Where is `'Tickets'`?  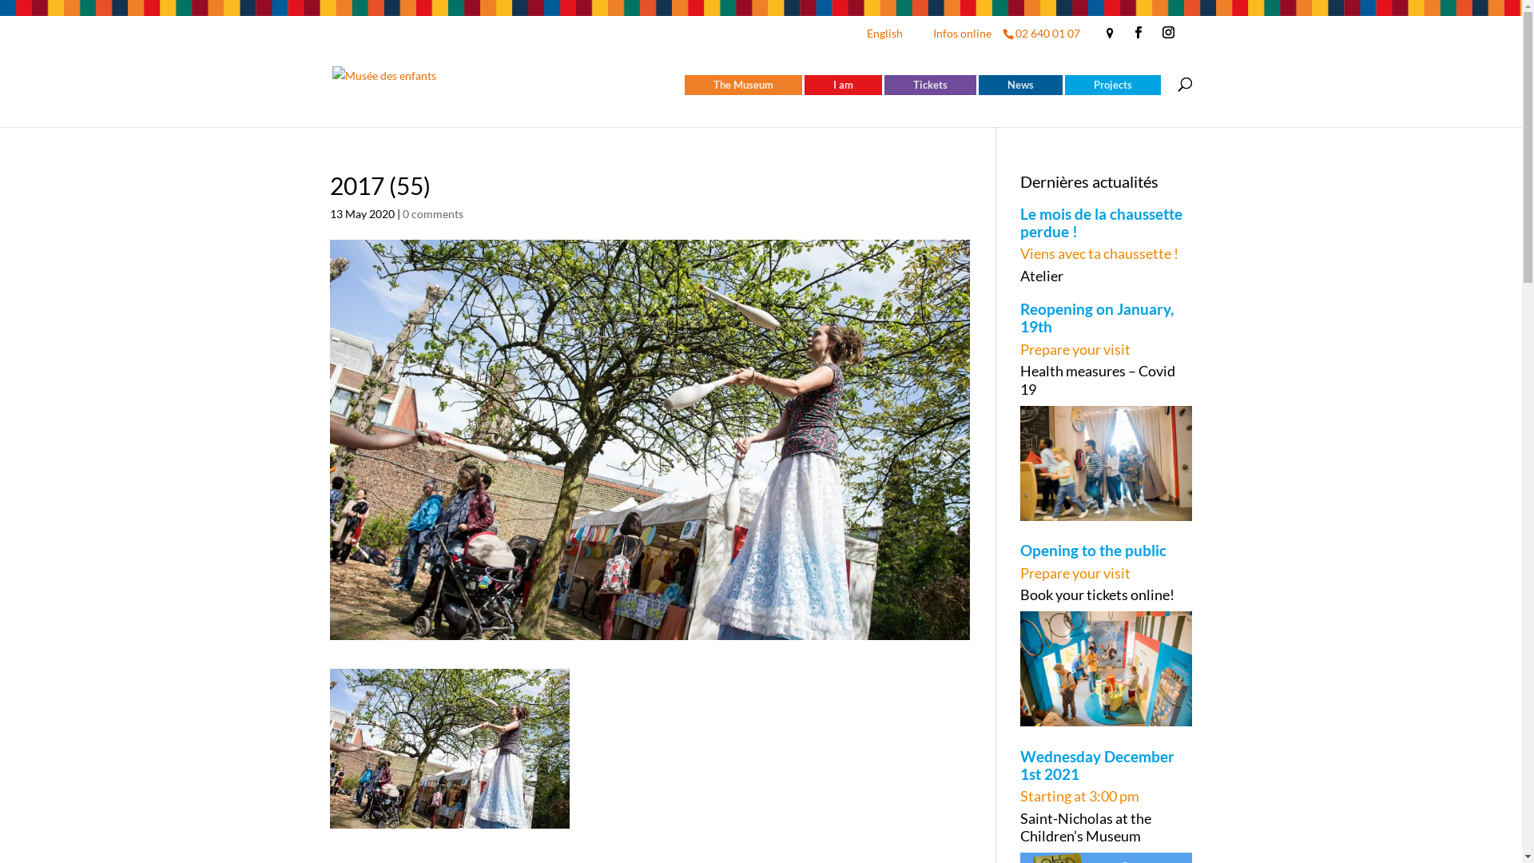
'Tickets' is located at coordinates (929, 85).